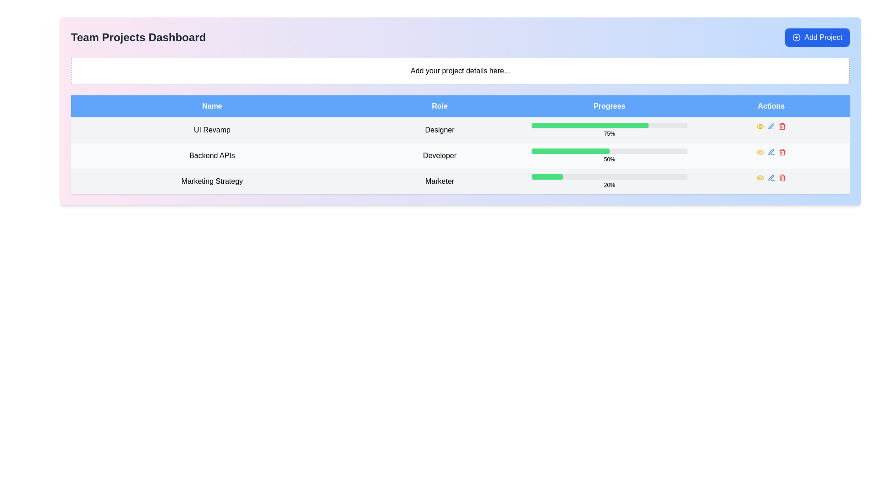 The image size is (880, 495). What do you see at coordinates (609, 151) in the screenshot?
I see `the progress bar in the 'Progress' column for the 'Backend APIs' task, which indicates that the task is 50% complete` at bounding box center [609, 151].